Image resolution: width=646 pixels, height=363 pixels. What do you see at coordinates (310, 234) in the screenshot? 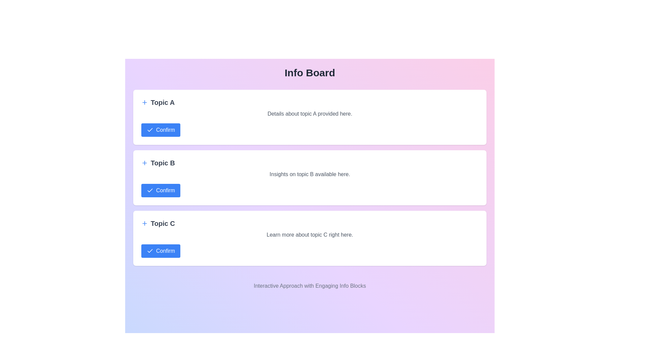
I see `the static text element displaying 'Learn more about topic C right here.' located within the 'Topic C' block, below the title 'Topic C' and the '+' icon` at bounding box center [310, 234].